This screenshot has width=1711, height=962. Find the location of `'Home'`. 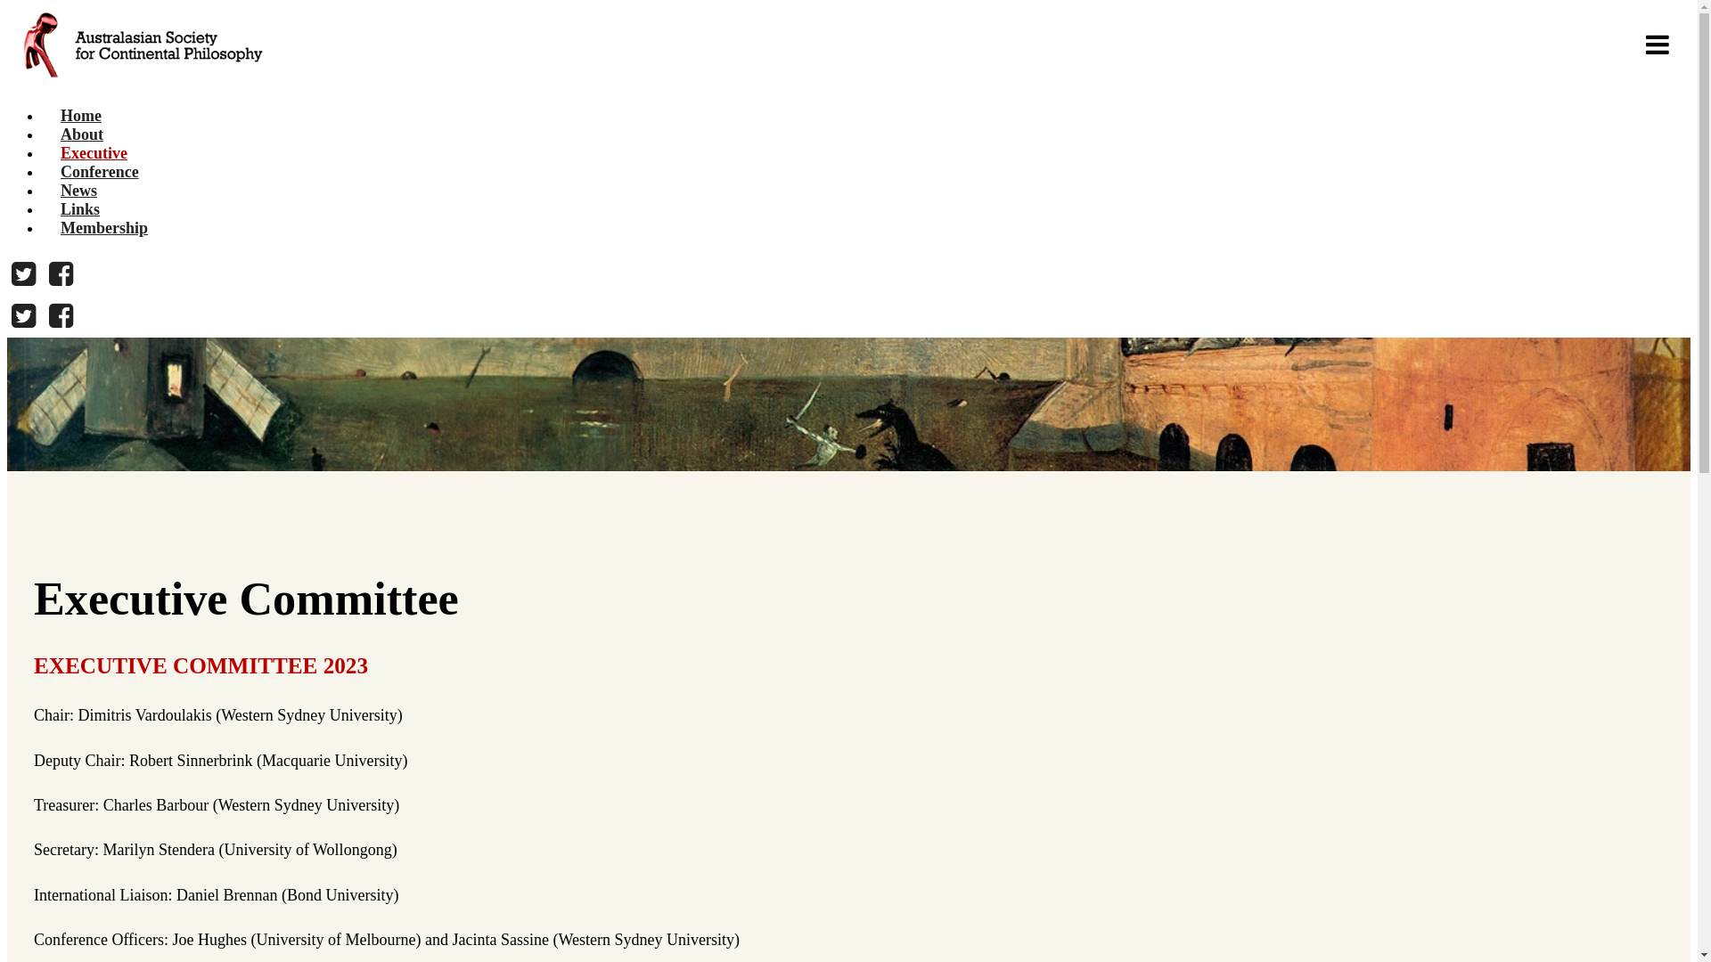

'Home' is located at coordinates (80, 116).